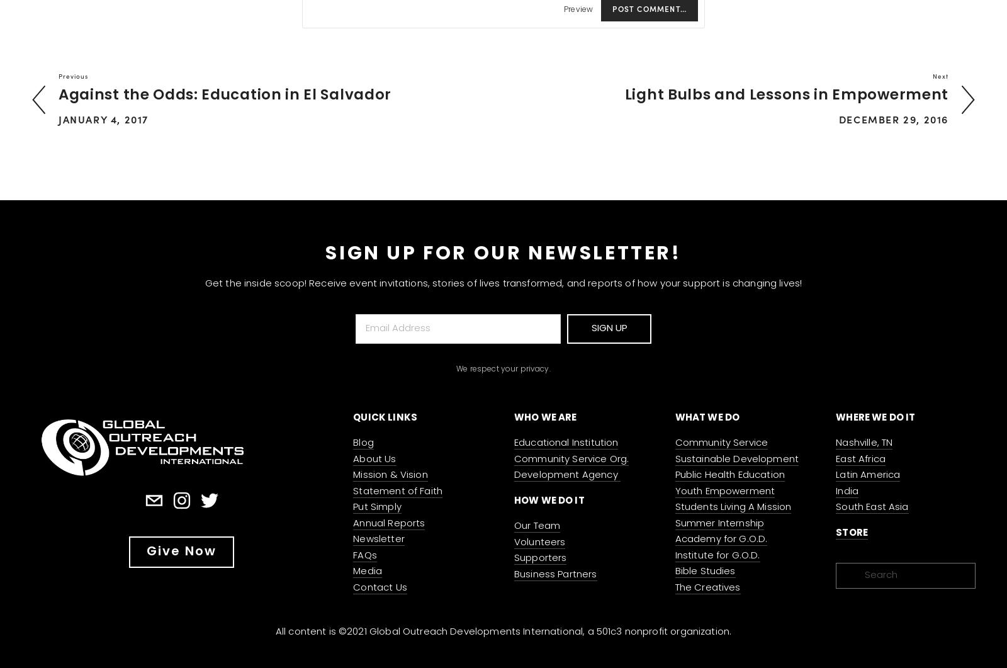 Image resolution: width=1007 pixels, height=668 pixels. I want to click on 'Blog', so click(352, 443).